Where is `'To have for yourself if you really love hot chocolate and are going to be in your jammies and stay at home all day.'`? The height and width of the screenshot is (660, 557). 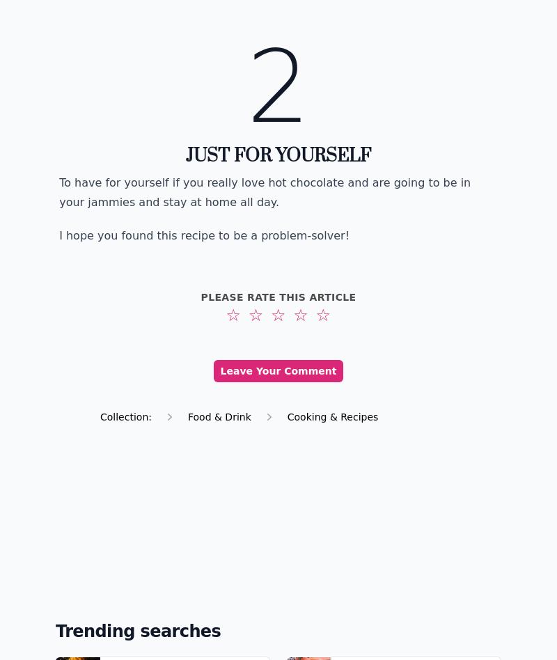 'To have for yourself if you really love hot chocolate and are going to be in your jammies and stay at home all day.' is located at coordinates (264, 191).